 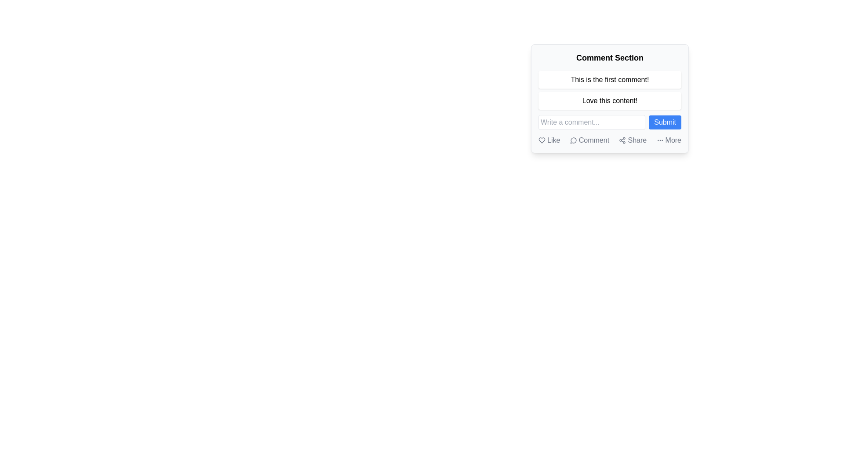 What do you see at coordinates (542, 140) in the screenshot?
I see `the heart icon representing the 'Like' action located in the lower-left section of the comment interface` at bounding box center [542, 140].